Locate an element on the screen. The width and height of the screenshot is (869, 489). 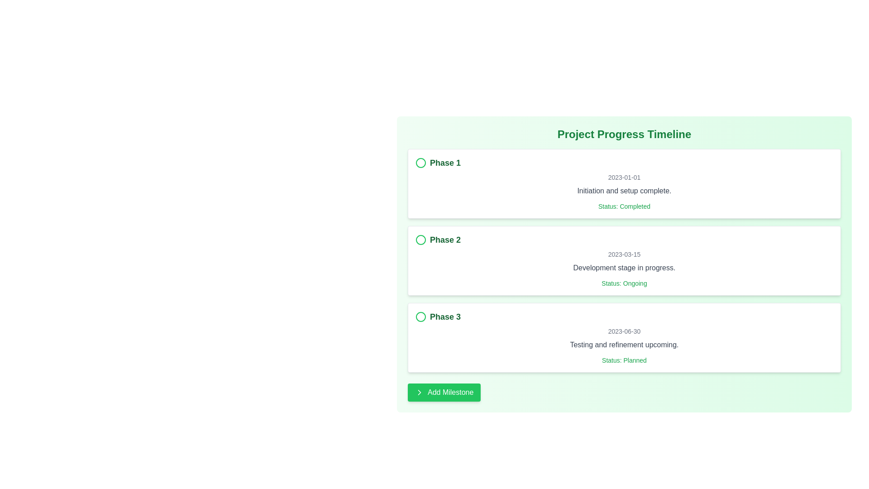
text label displaying 'Phase 2', which is styled in a bold and large green font and is located within the milestone panel labeled 'Phase 2' is located at coordinates (445, 239).